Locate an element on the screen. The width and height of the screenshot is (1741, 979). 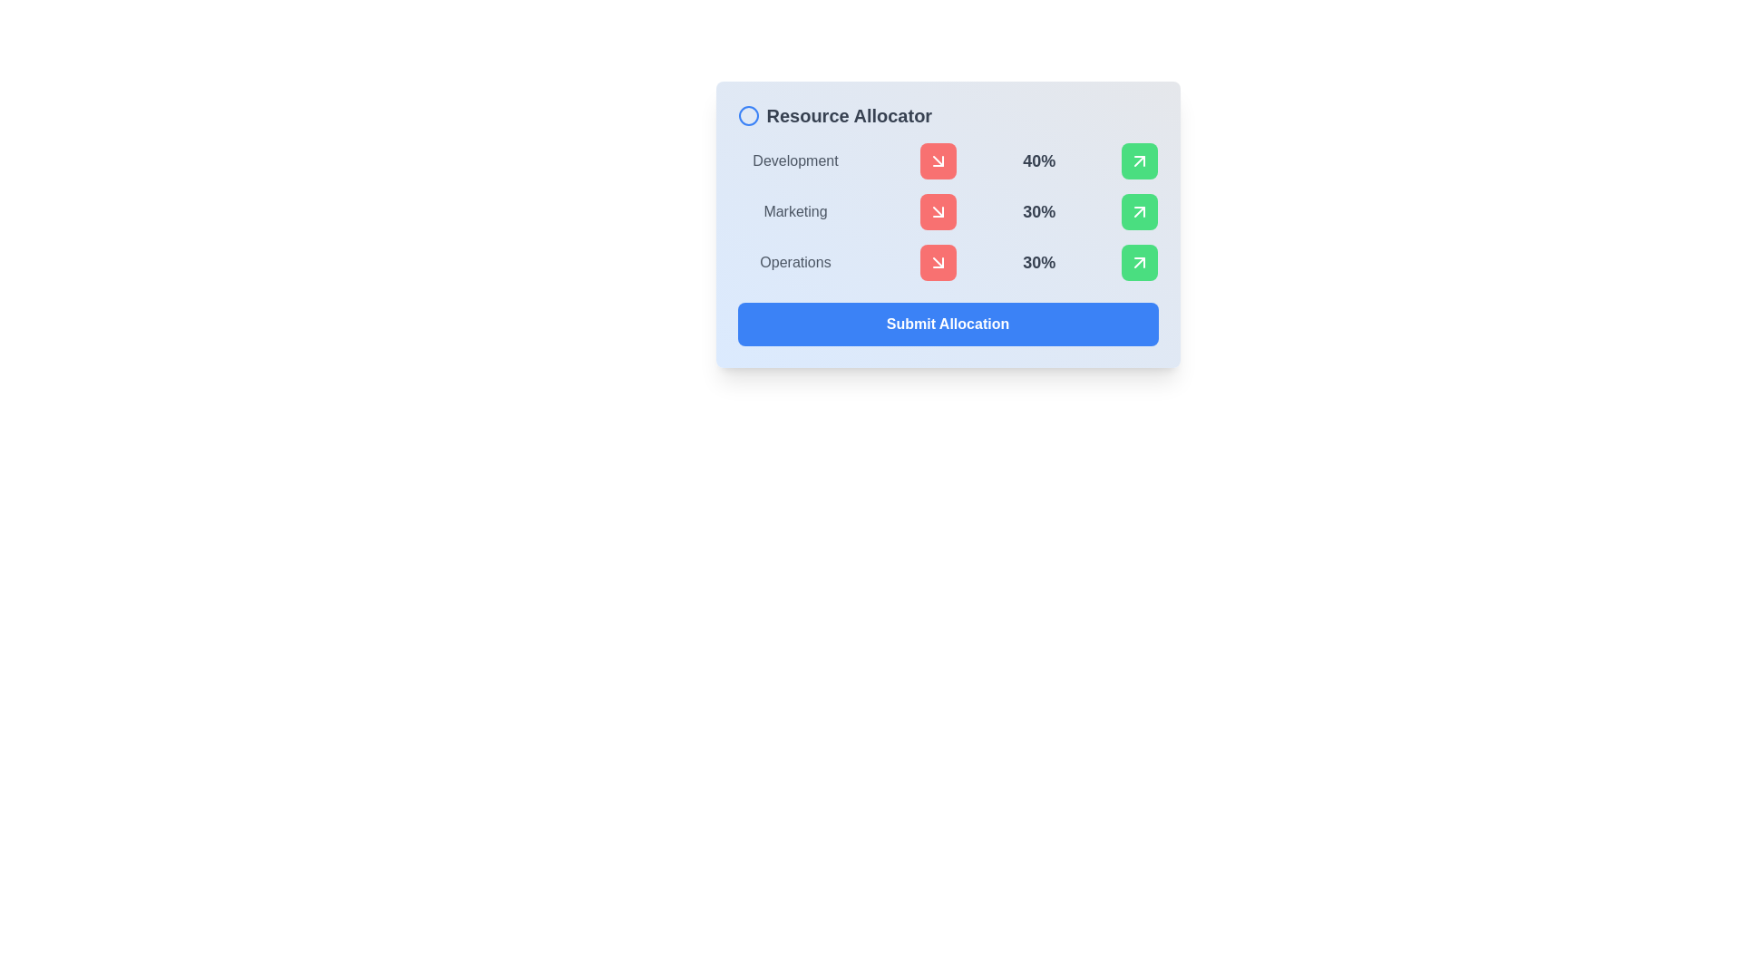
the button indicating an increase in the 'Development' category is located at coordinates (1139, 160).